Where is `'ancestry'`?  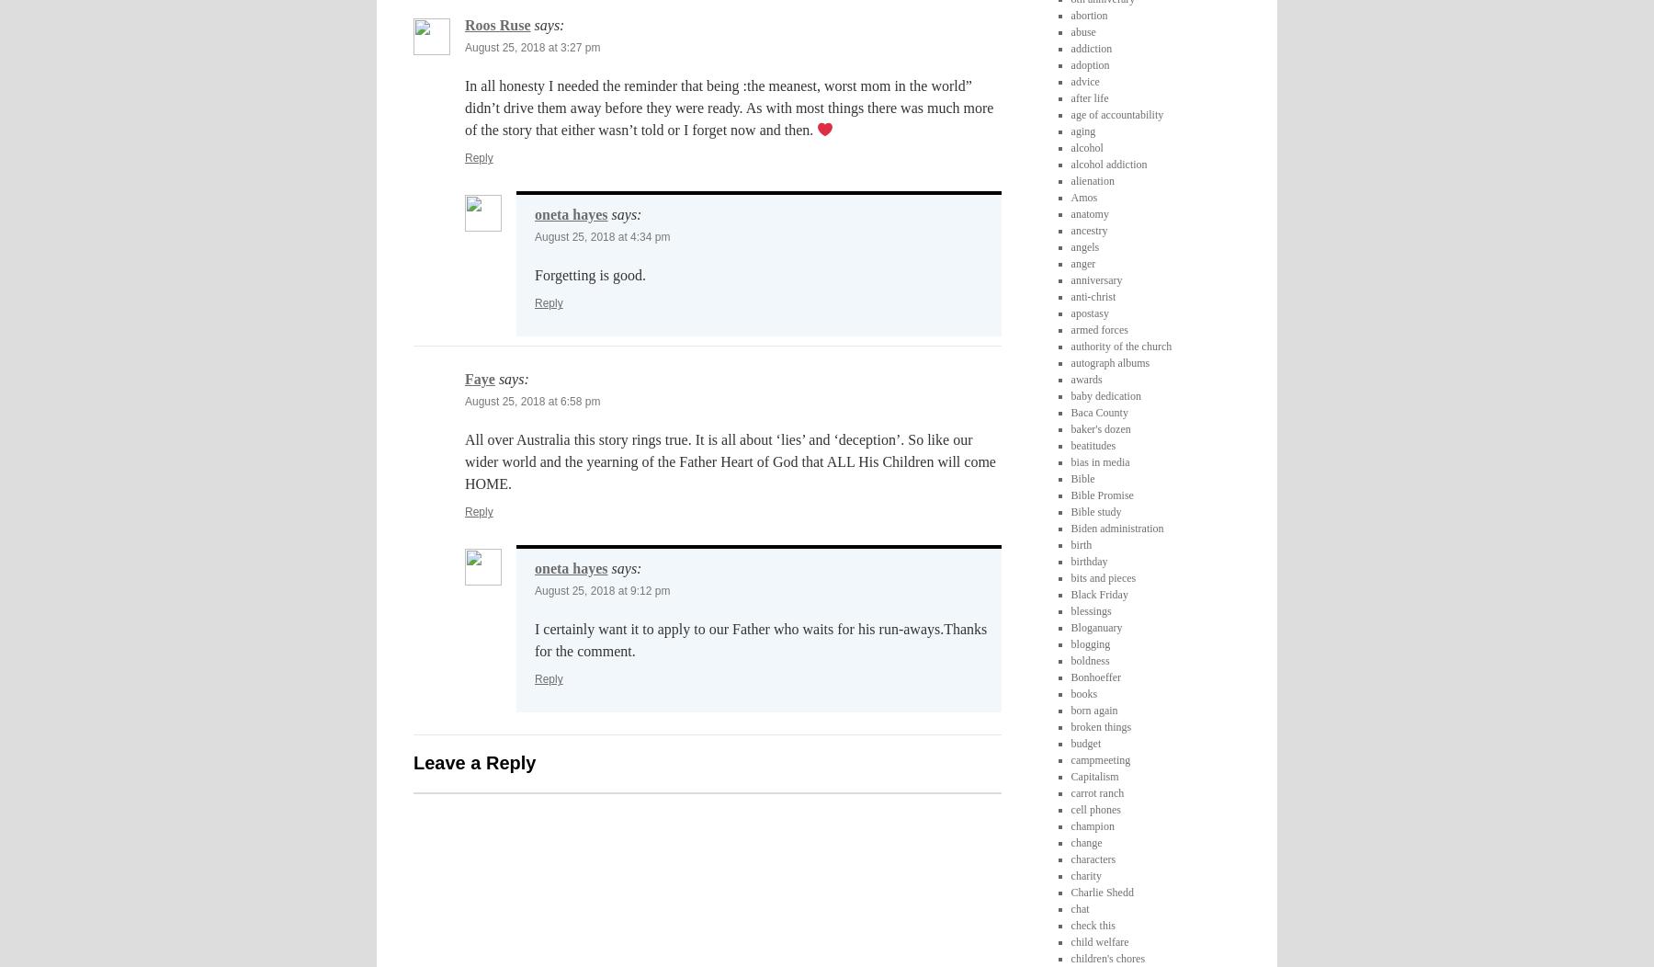 'ancestry' is located at coordinates (1087, 228).